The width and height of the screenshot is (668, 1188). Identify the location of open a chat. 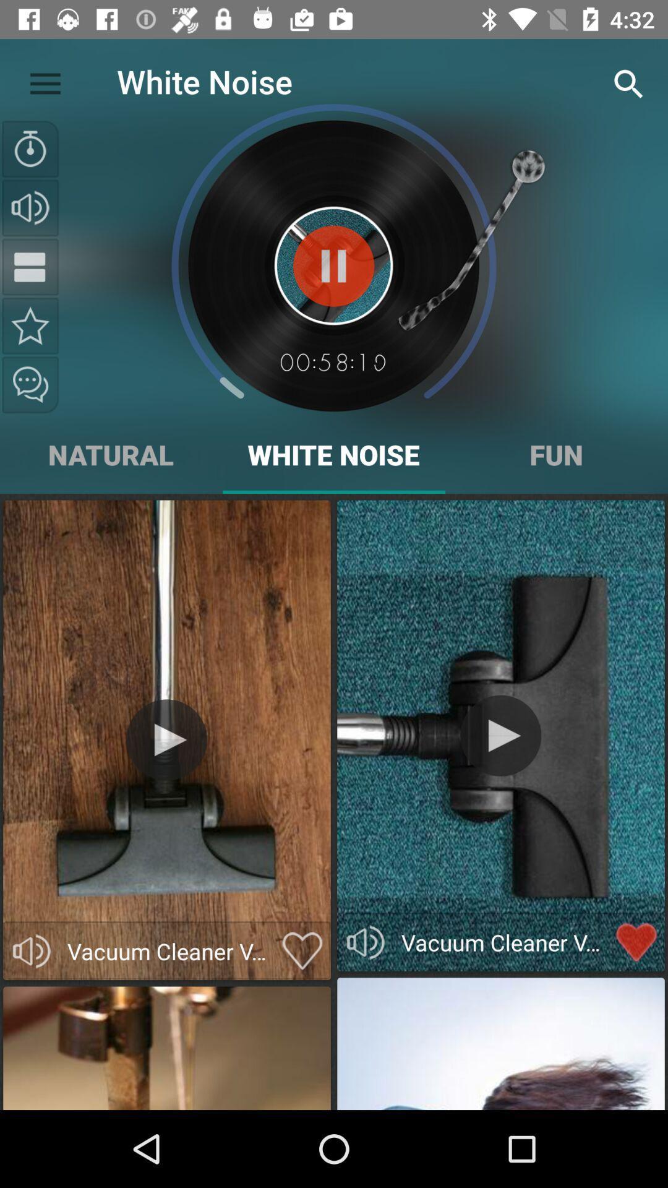
(30, 384).